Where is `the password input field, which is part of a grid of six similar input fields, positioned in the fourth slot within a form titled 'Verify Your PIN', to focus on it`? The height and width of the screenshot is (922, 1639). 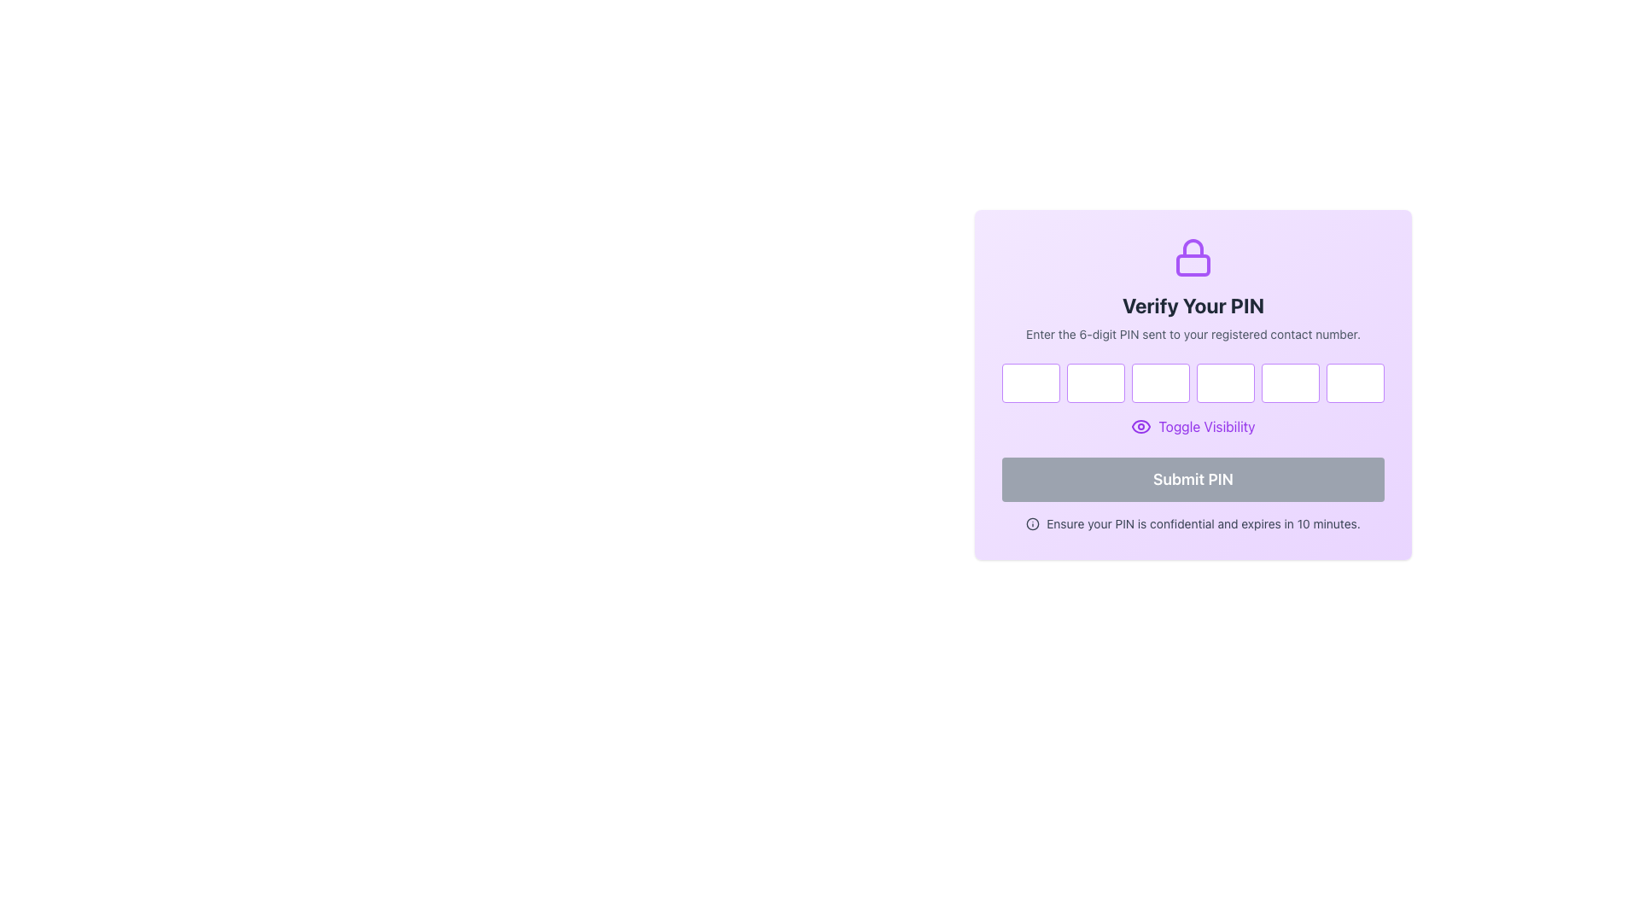 the password input field, which is part of a grid of six similar input fields, positioned in the fourth slot within a form titled 'Verify Your PIN', to focus on it is located at coordinates (1192, 385).